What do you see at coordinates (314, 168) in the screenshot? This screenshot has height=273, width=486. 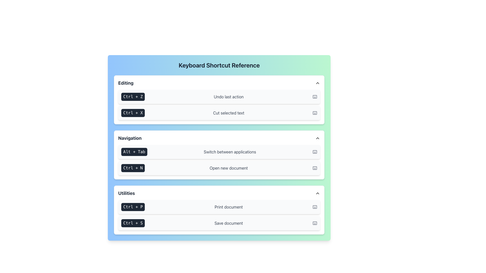 I see `the rectangular SVG component located to the right of the 'Open new document' entry in the 'Navigation' section` at bounding box center [314, 168].